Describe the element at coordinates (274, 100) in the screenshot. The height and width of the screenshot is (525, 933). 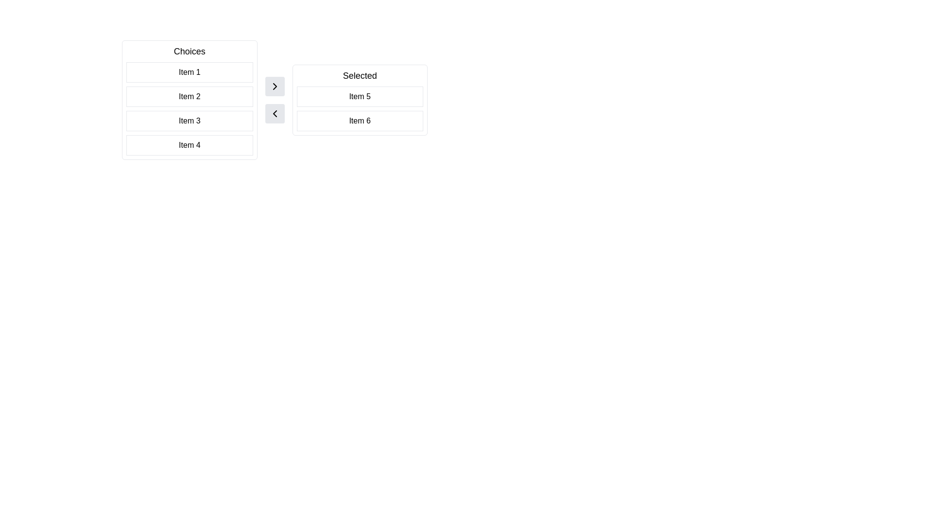
I see `the upper button with the right-facing arrow in the component grouping two interactive buttons, which is centrally positioned between the 'Choices' and 'Selected' lists` at that location.